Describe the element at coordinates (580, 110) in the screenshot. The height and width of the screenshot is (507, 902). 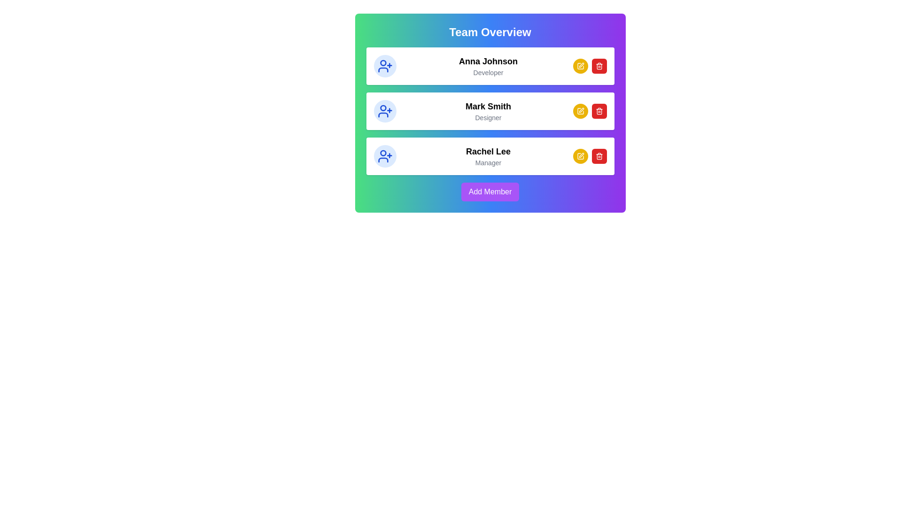
I see `the leftmost button for editing associated with 'Mark Smith, Designer'` at that location.